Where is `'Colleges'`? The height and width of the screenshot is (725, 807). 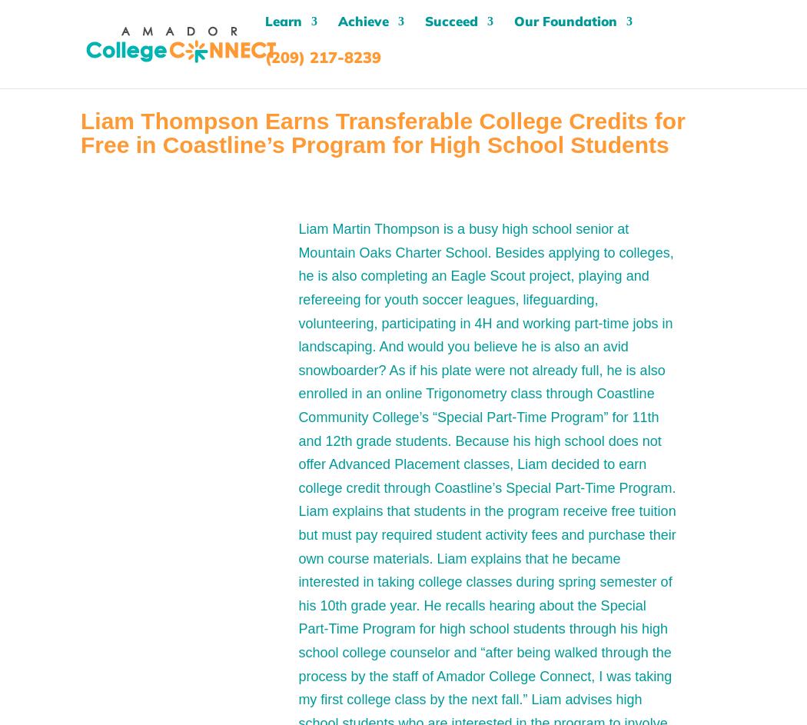 'Colleges' is located at coordinates (311, 91).